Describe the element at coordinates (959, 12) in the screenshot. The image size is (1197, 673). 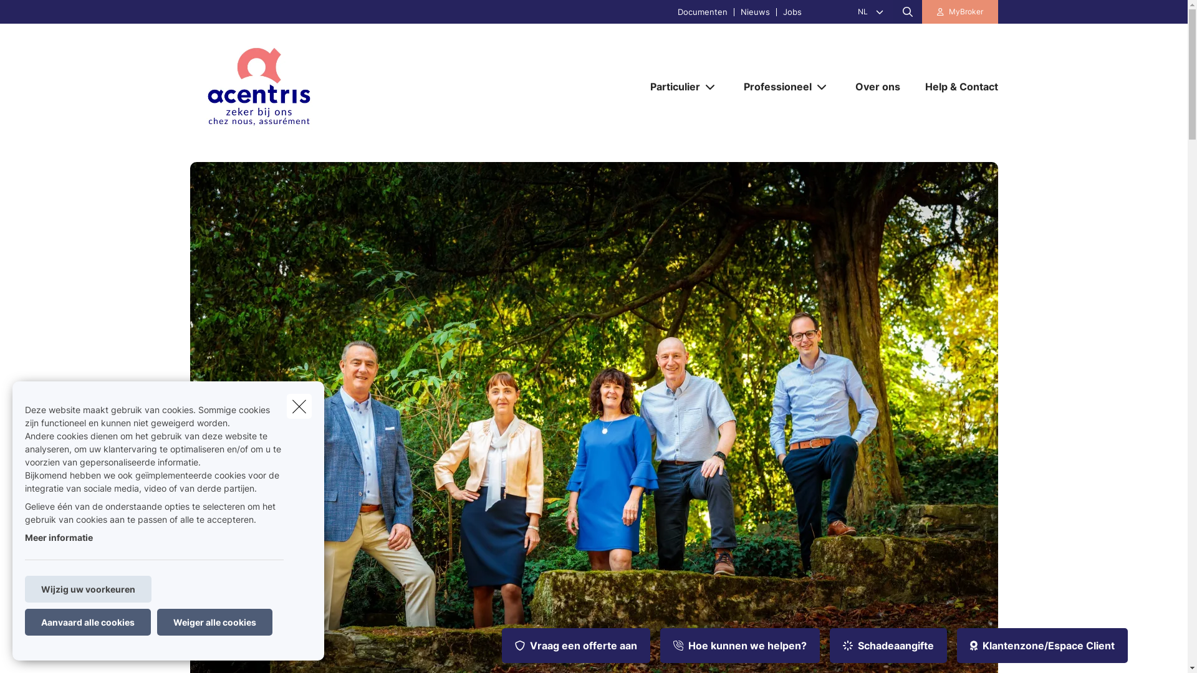
I see `'MyBroker'` at that location.